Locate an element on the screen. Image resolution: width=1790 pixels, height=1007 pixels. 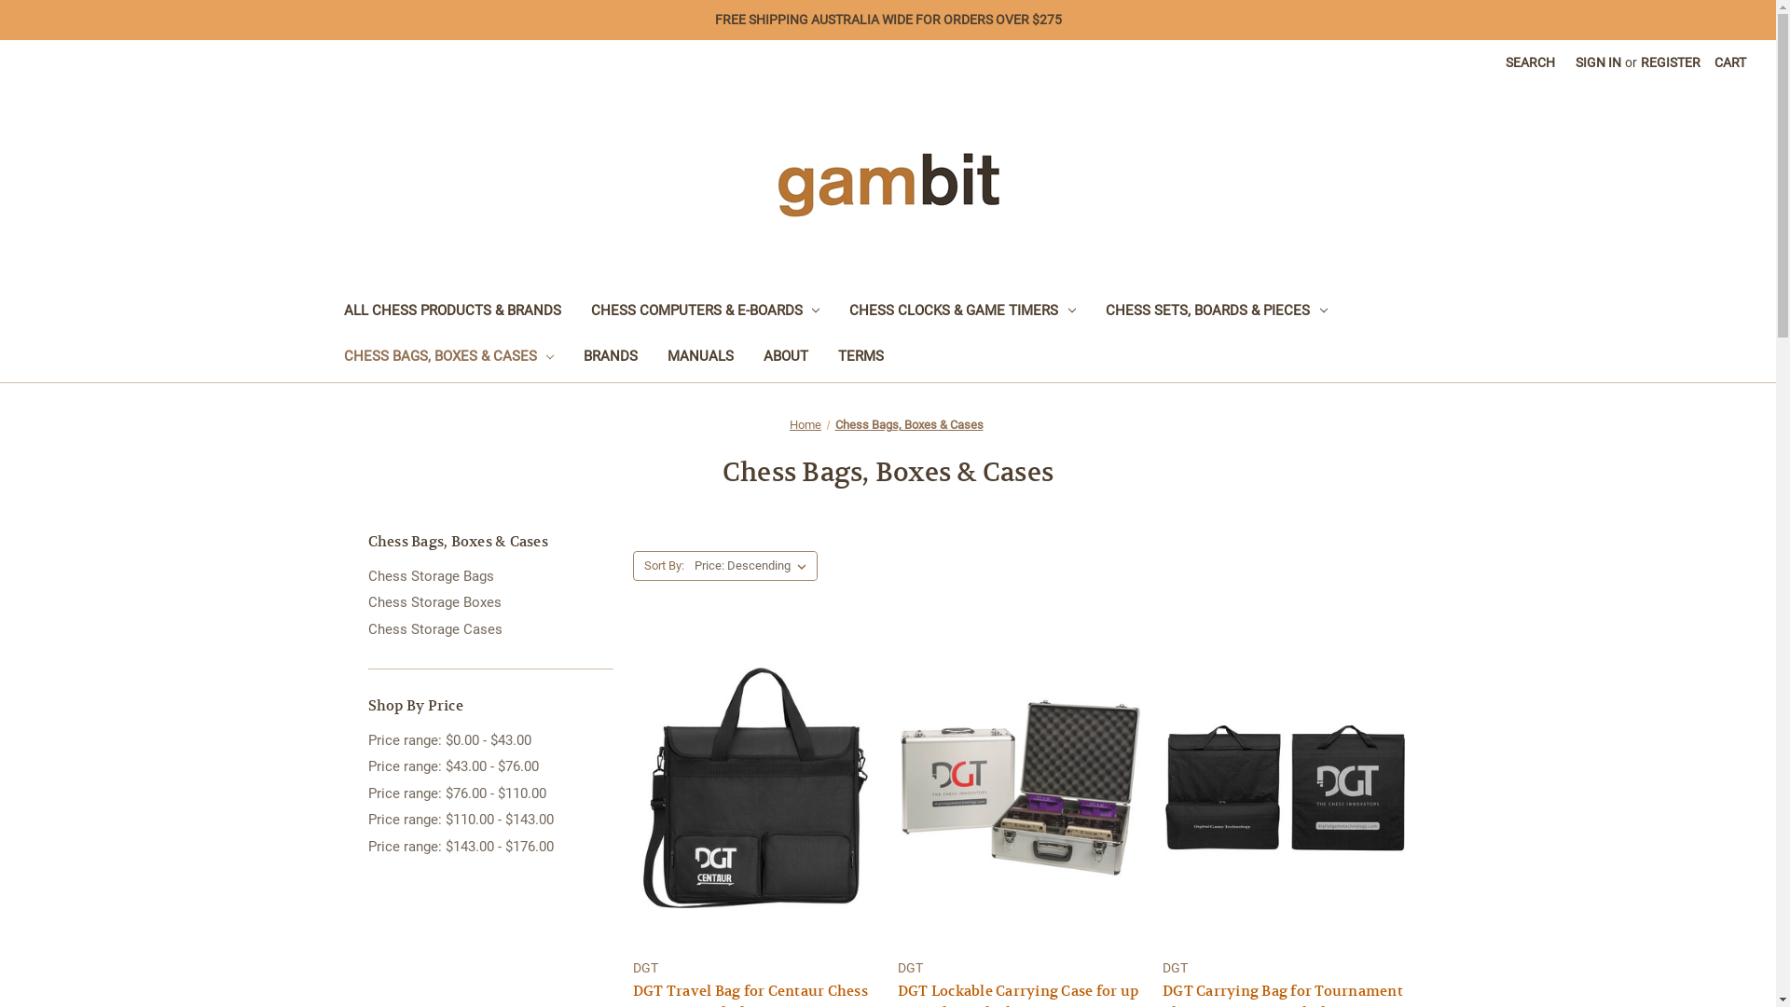
'MANUALS' is located at coordinates (699, 358).